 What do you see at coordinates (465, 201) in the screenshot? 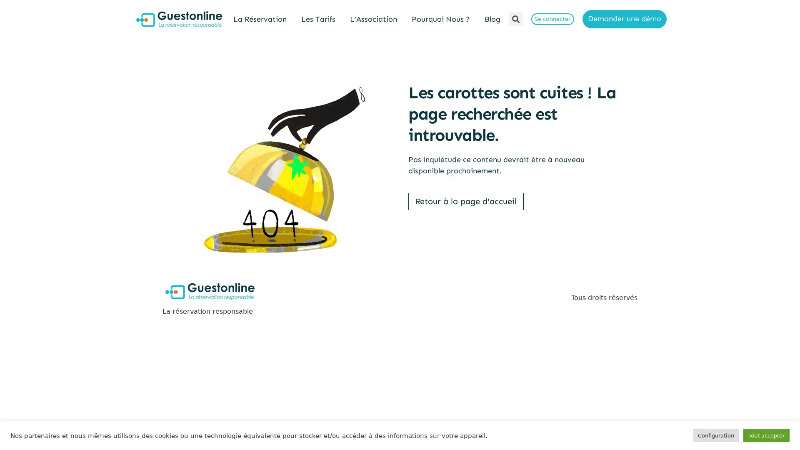
I see `Retour a la page d'accueil` at bounding box center [465, 201].